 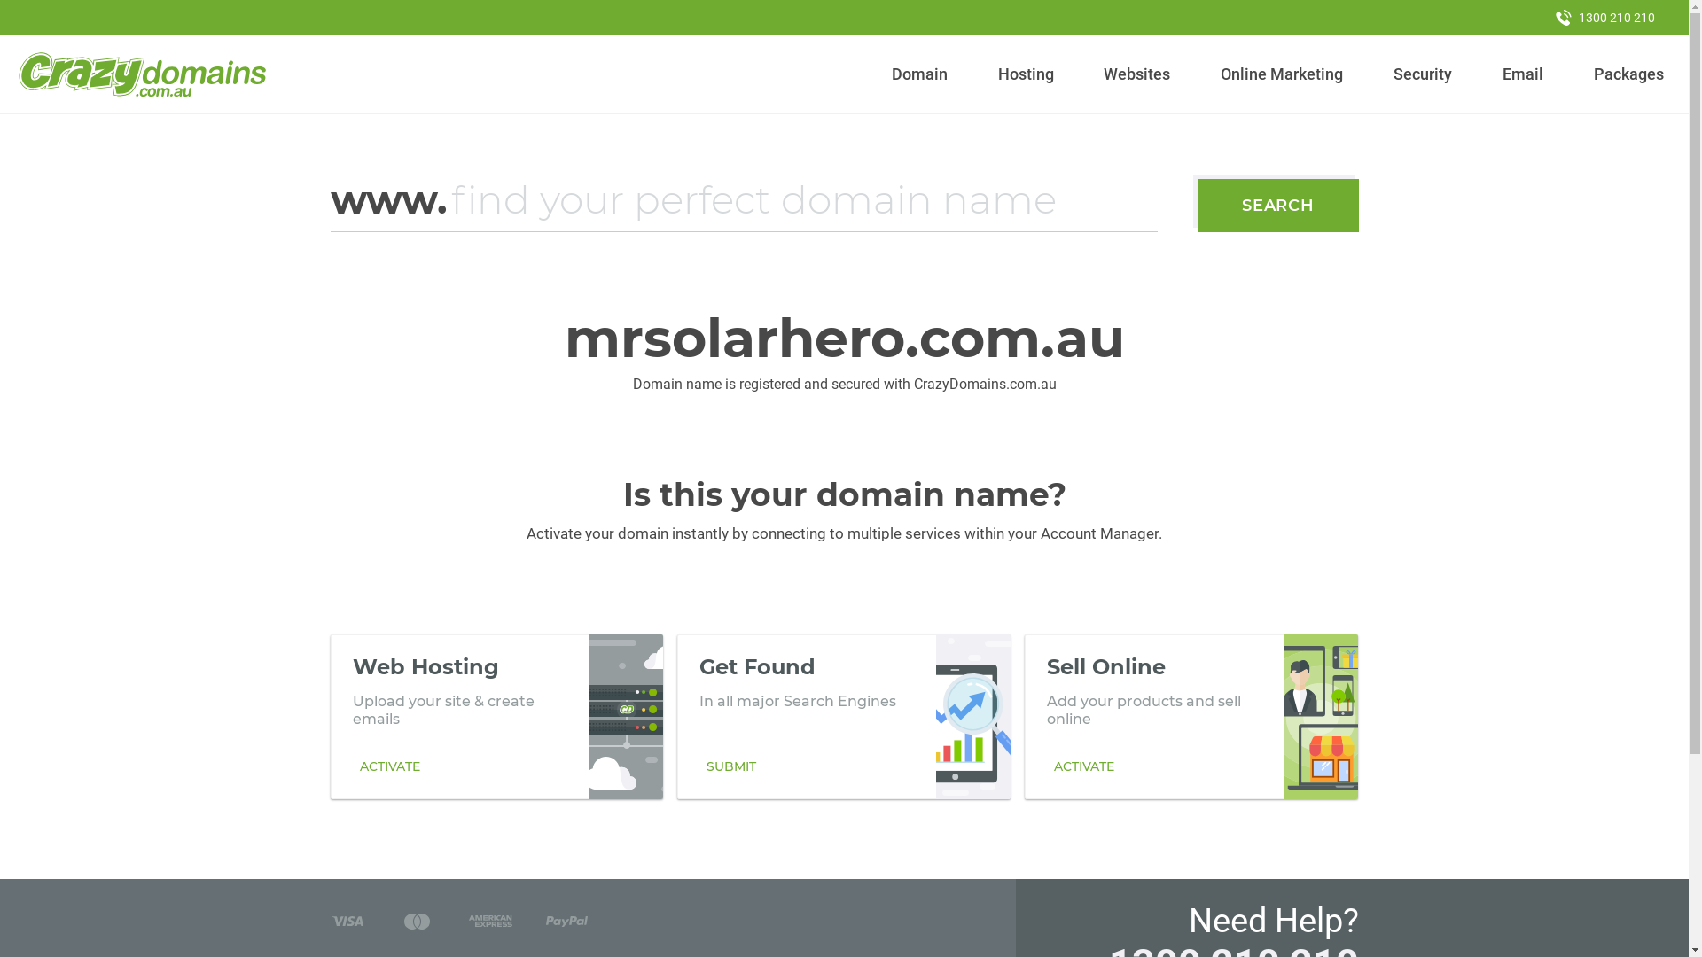 What do you see at coordinates (919, 74) in the screenshot?
I see `'Domain'` at bounding box center [919, 74].